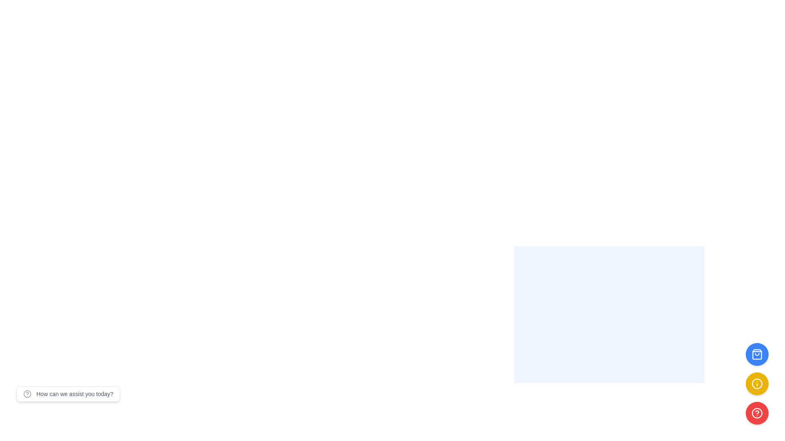  Describe the element at coordinates (757, 384) in the screenshot. I see `the circular icon button with a yellow background and white information symbol located` at that location.